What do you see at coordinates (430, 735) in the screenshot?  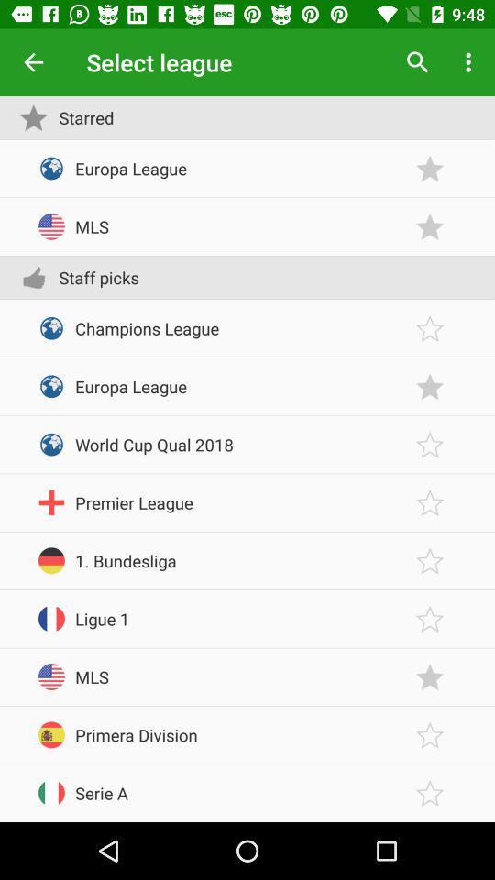 I see `would favorite primera division` at bounding box center [430, 735].